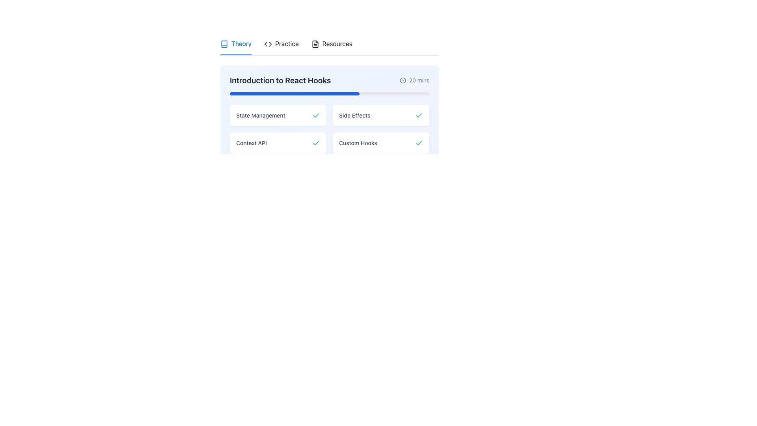 This screenshot has height=426, width=757. I want to click on the circular SVG element that forms the outer boundary of the clock icon, located near the '20 mins' label, so click(403, 80).